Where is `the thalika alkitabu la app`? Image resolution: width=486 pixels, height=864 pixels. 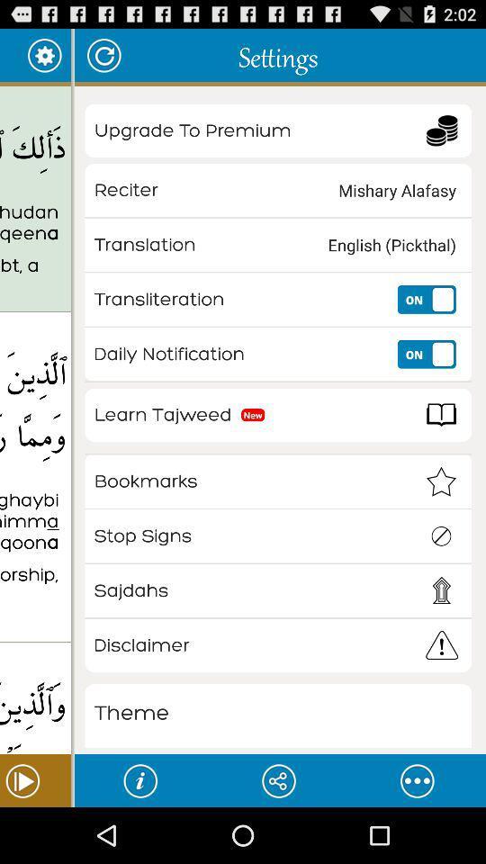
the thalika alkitabu la app is located at coordinates (35, 221).